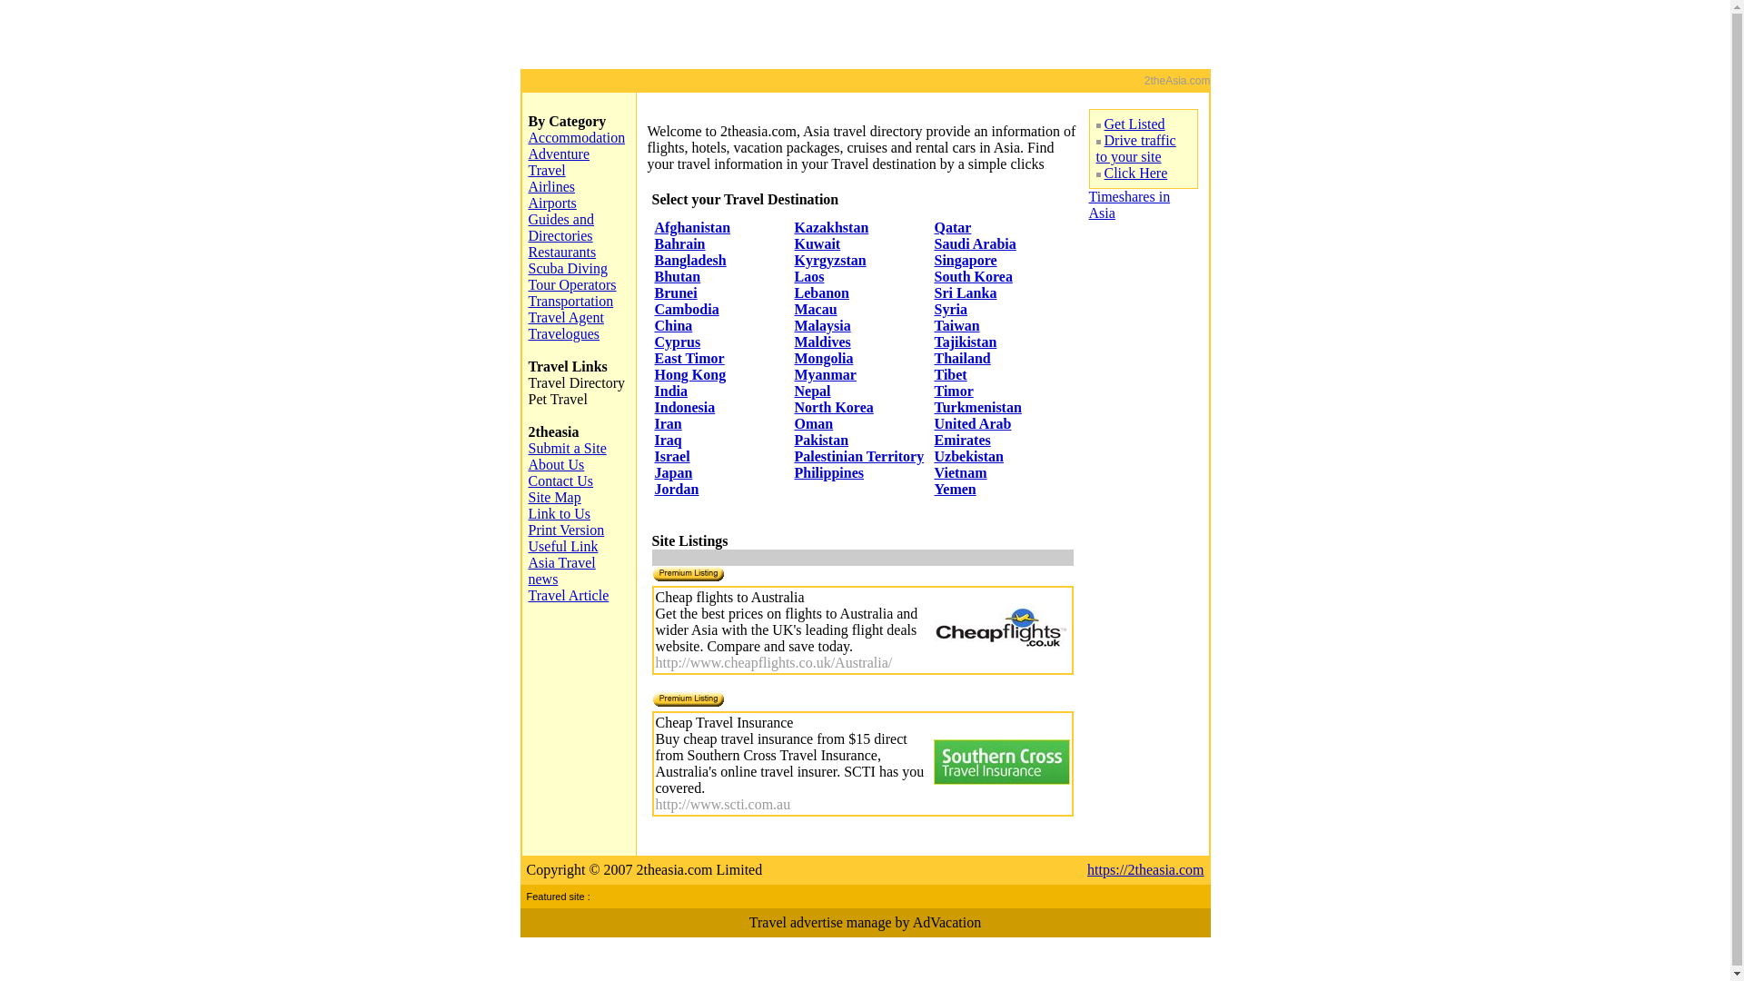 This screenshot has height=981, width=1744. Describe the element at coordinates (561, 252) in the screenshot. I see `'Restaurants'` at that location.